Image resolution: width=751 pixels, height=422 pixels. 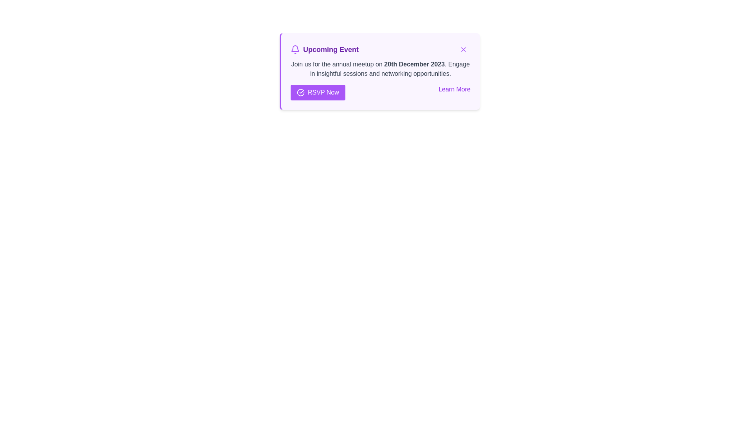 I want to click on the text element displaying '20th December 2023' within the notification card titled 'Upcoming Event', so click(x=414, y=64).